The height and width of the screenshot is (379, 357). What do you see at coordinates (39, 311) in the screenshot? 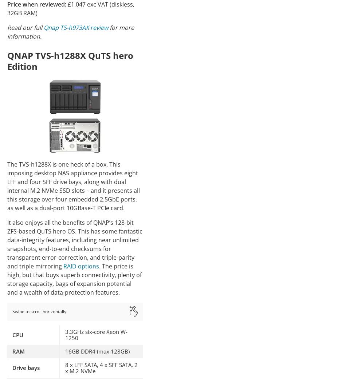
I see `'Swipe to scroll horizontally'` at bounding box center [39, 311].